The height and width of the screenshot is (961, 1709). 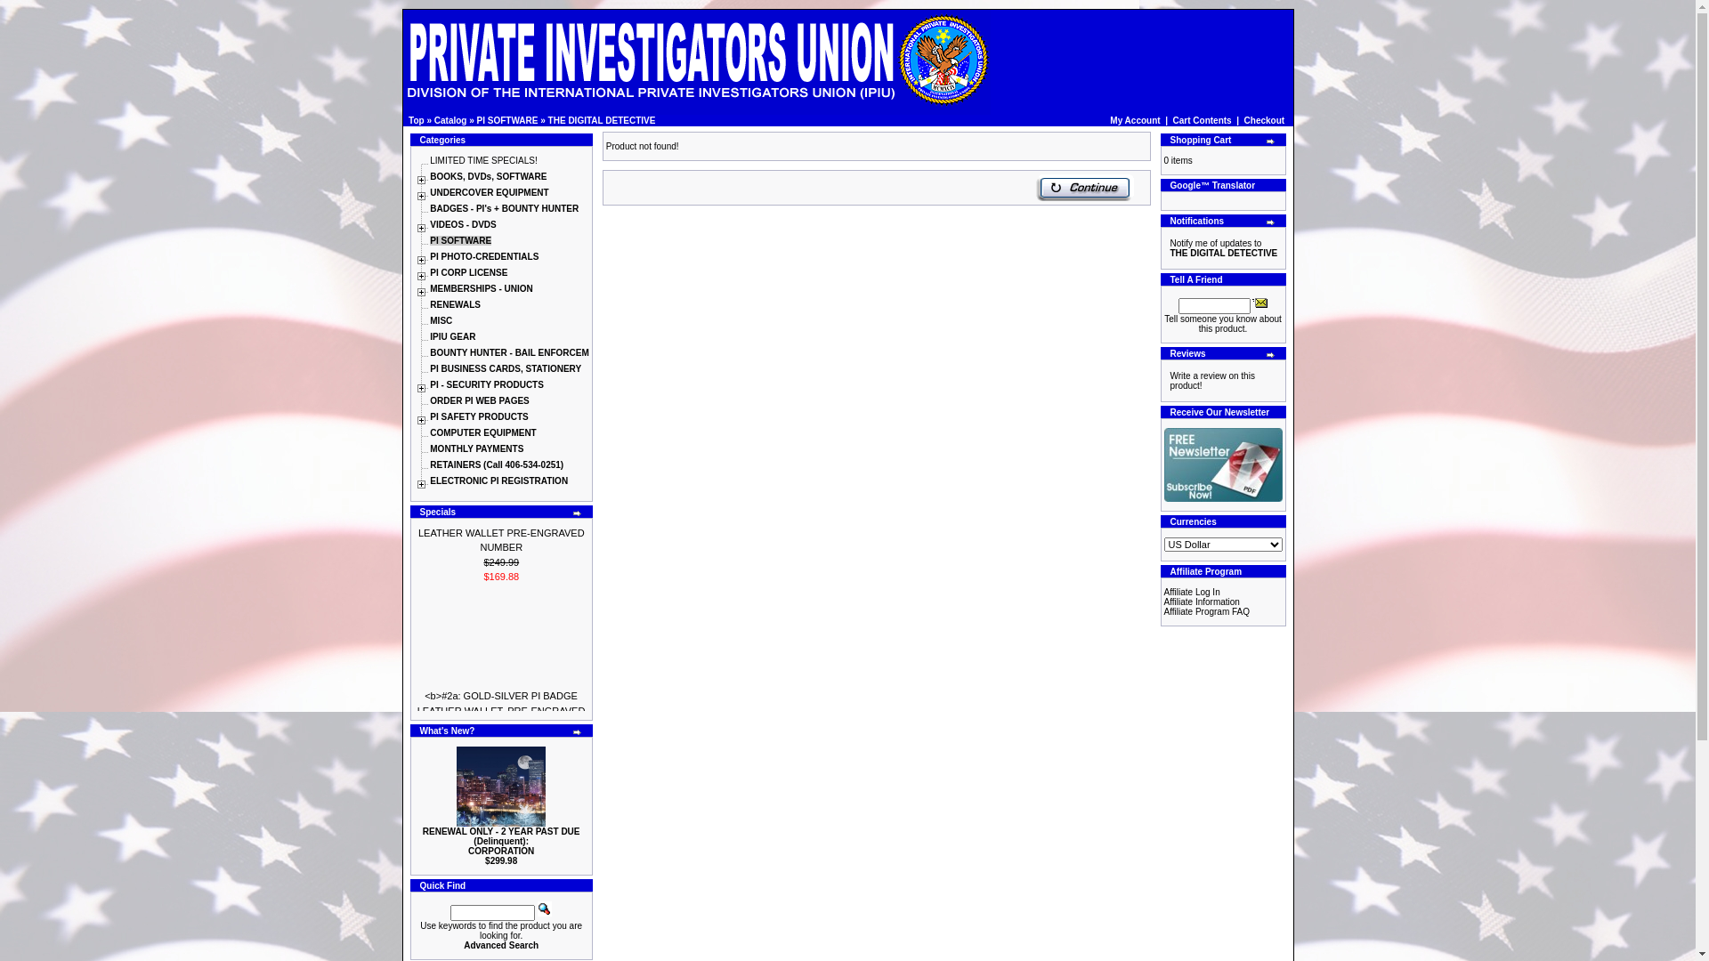 What do you see at coordinates (487, 384) in the screenshot?
I see `'PI - SECURITY PRODUCTS'` at bounding box center [487, 384].